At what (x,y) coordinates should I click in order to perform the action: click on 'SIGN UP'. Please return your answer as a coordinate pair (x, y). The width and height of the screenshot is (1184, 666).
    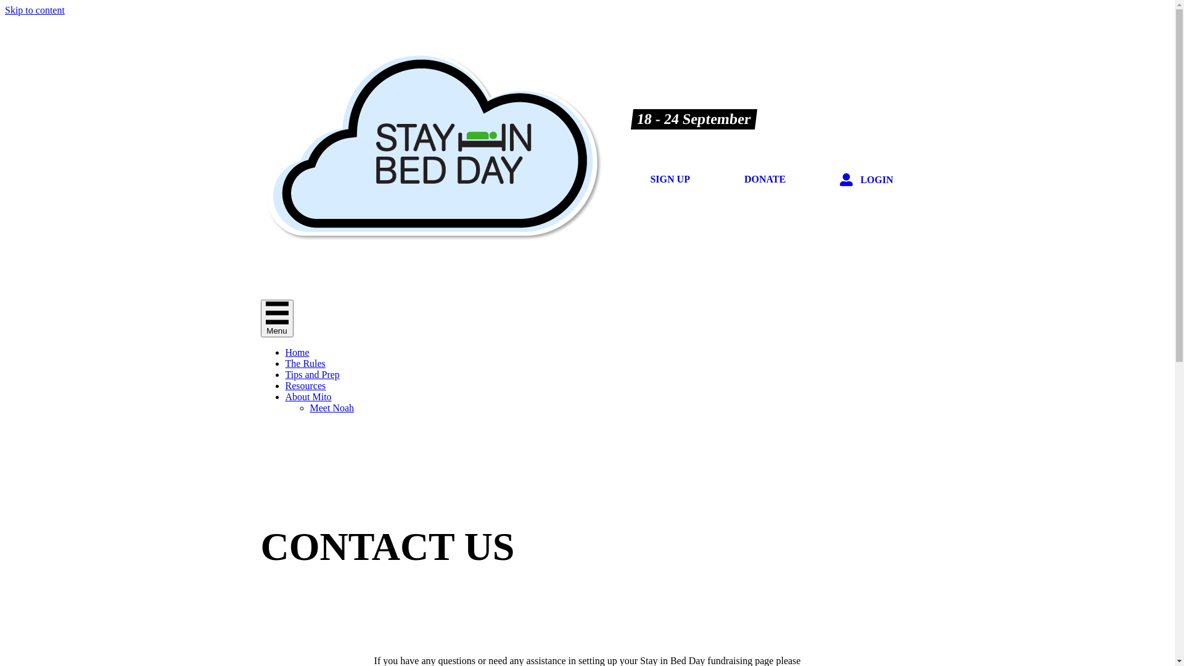
    Looking at the image, I should click on (635, 179).